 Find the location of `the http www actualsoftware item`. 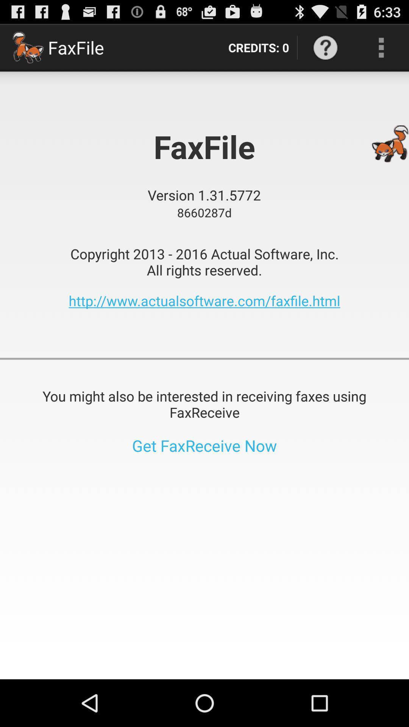

the http www actualsoftware item is located at coordinates (204, 300).